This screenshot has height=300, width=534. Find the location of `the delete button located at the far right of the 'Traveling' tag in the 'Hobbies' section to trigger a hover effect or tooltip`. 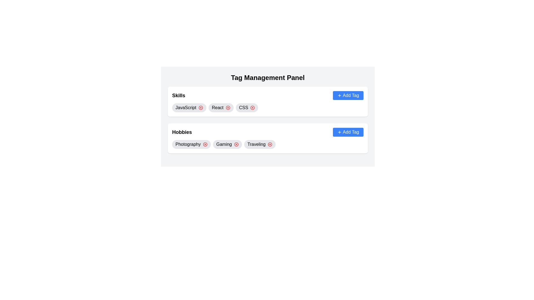

the delete button located at the far right of the 'Traveling' tag in the 'Hobbies' section to trigger a hover effect or tooltip is located at coordinates (270, 144).